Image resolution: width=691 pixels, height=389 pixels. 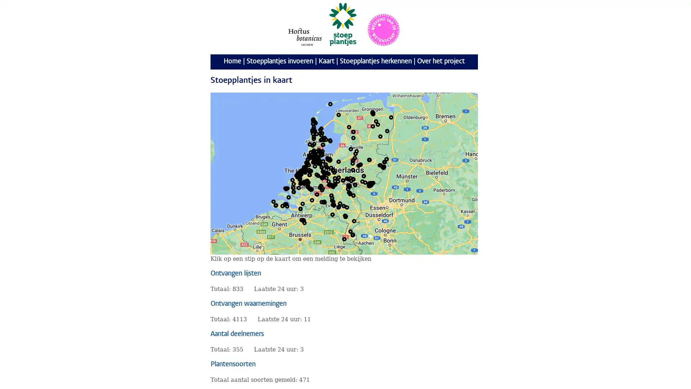 I want to click on Telling van Soraya op 09 oktober 2021, so click(x=312, y=145).